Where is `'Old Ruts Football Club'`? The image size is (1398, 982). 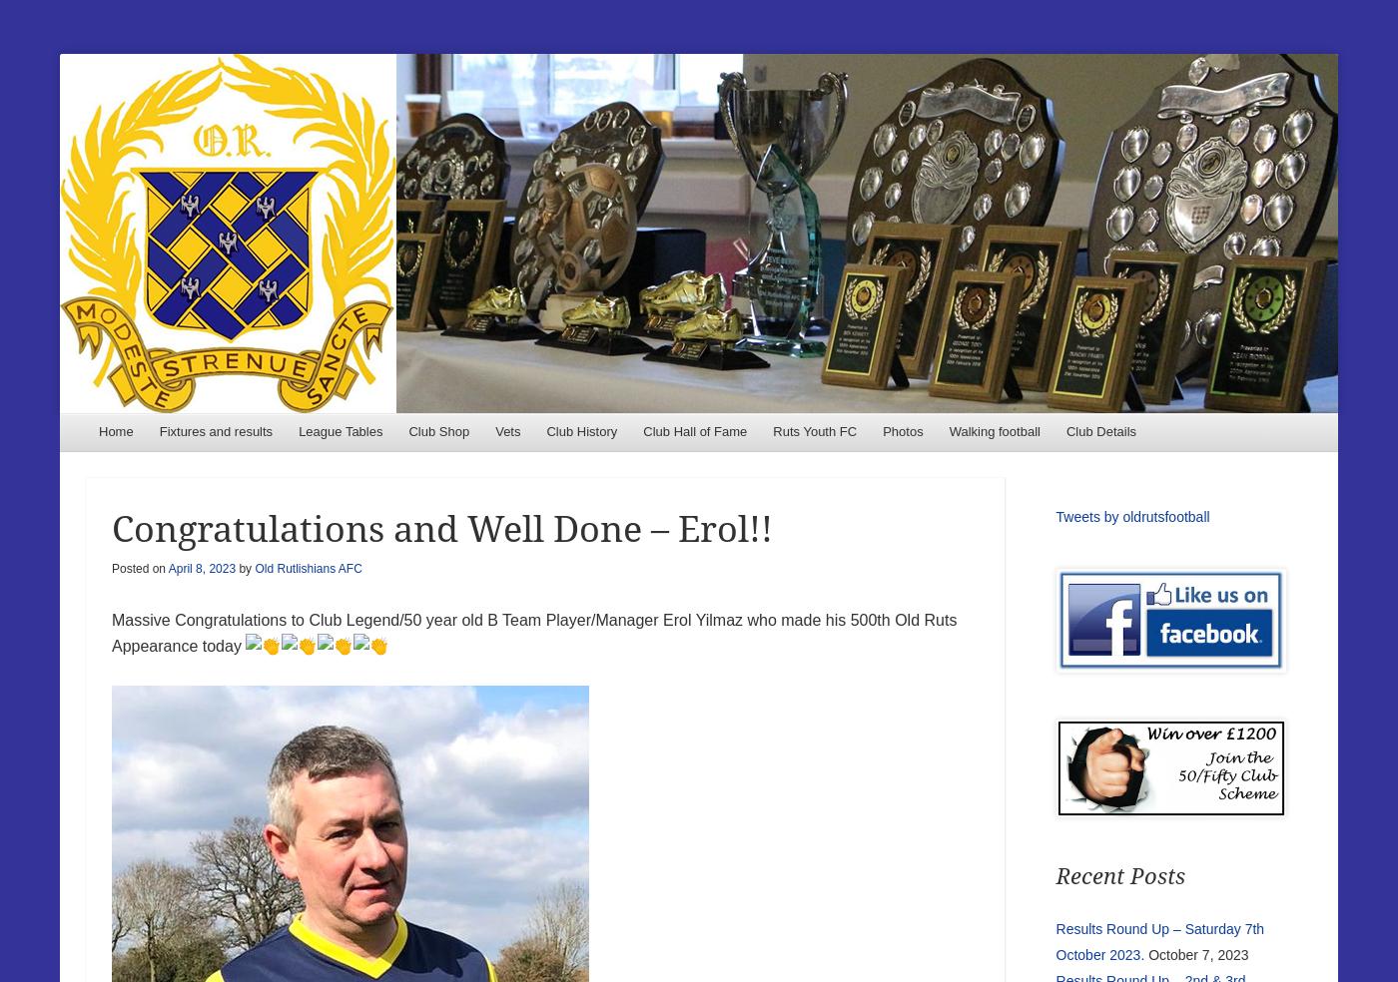 'Old Ruts Football Club' is located at coordinates (79, 65).